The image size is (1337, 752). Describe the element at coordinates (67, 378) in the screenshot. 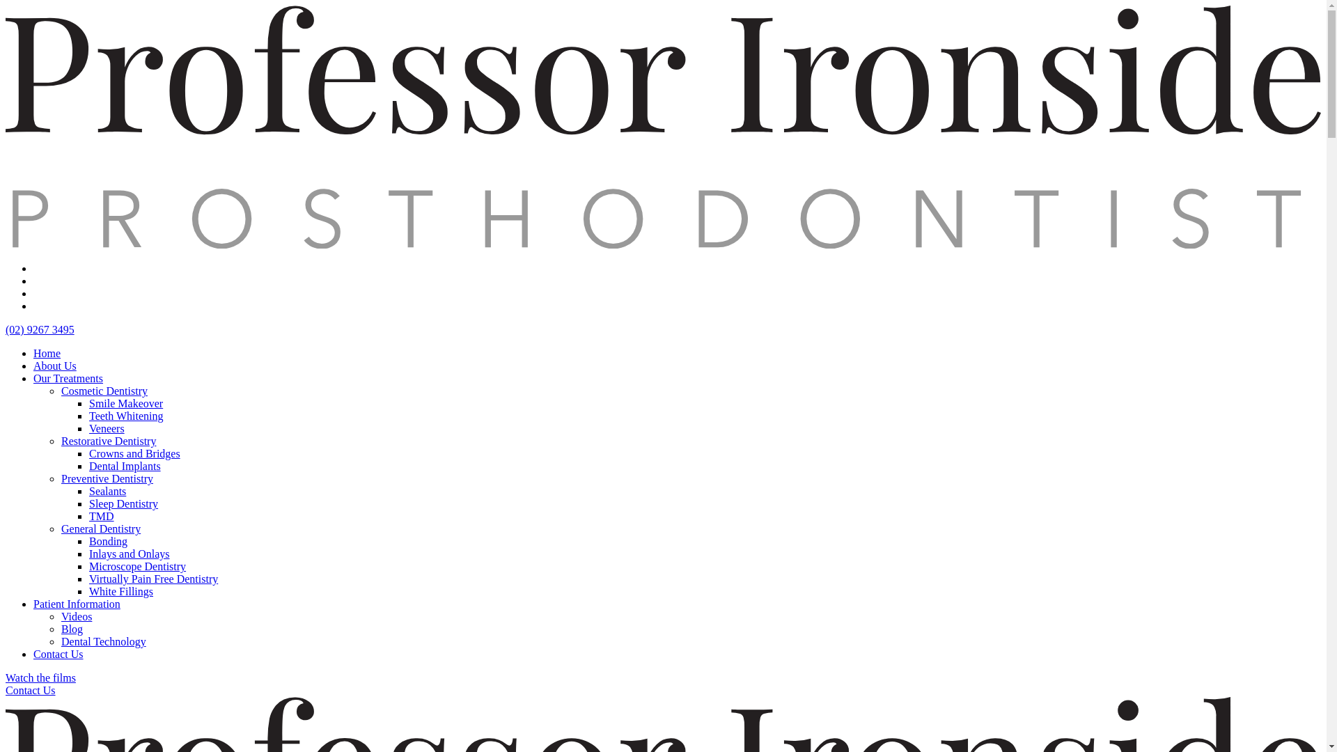

I see `'Our Treatments'` at that location.